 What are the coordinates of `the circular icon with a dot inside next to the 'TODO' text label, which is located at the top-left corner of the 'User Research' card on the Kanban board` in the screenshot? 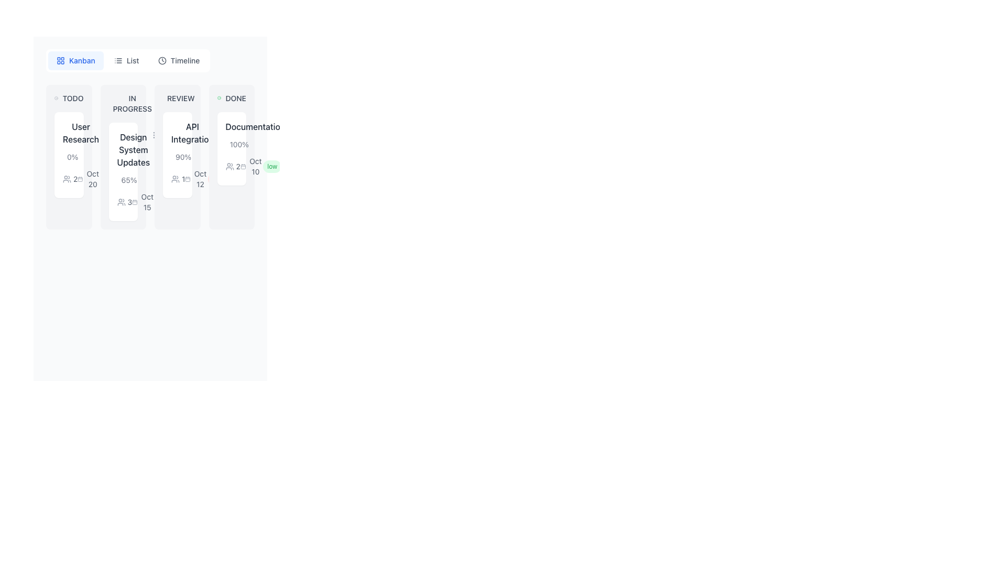 It's located at (68, 99).